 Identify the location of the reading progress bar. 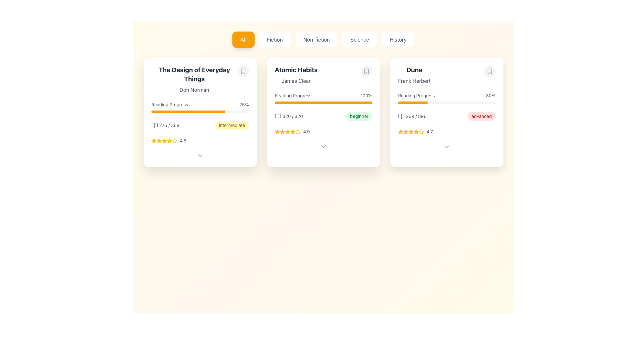
(211, 111).